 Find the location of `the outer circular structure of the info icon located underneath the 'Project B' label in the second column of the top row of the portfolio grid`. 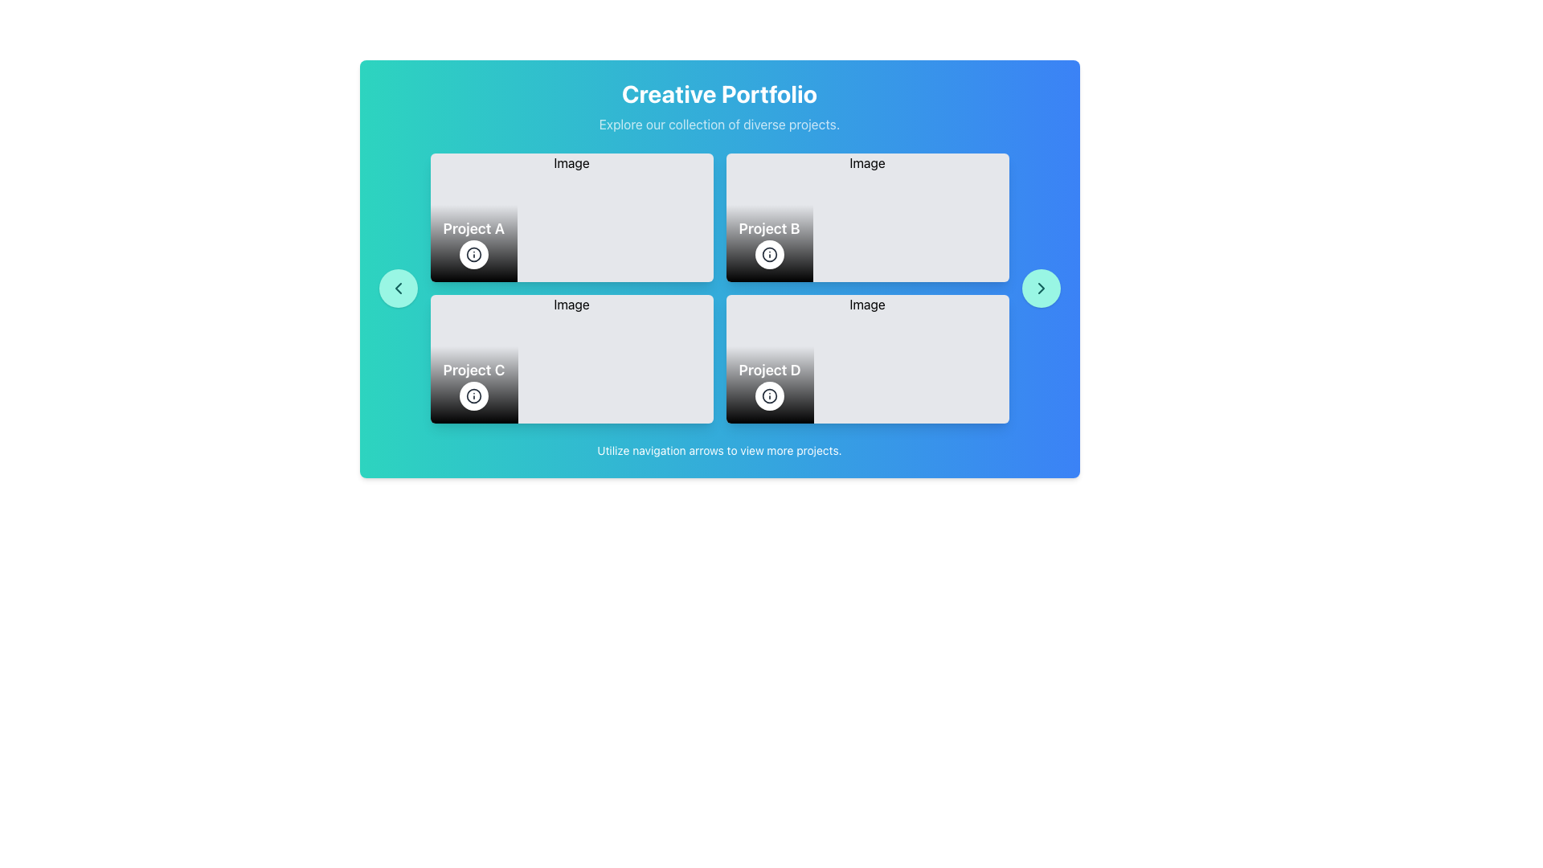

the outer circular structure of the info icon located underneath the 'Project B' label in the second column of the top row of the portfolio grid is located at coordinates (768, 253).